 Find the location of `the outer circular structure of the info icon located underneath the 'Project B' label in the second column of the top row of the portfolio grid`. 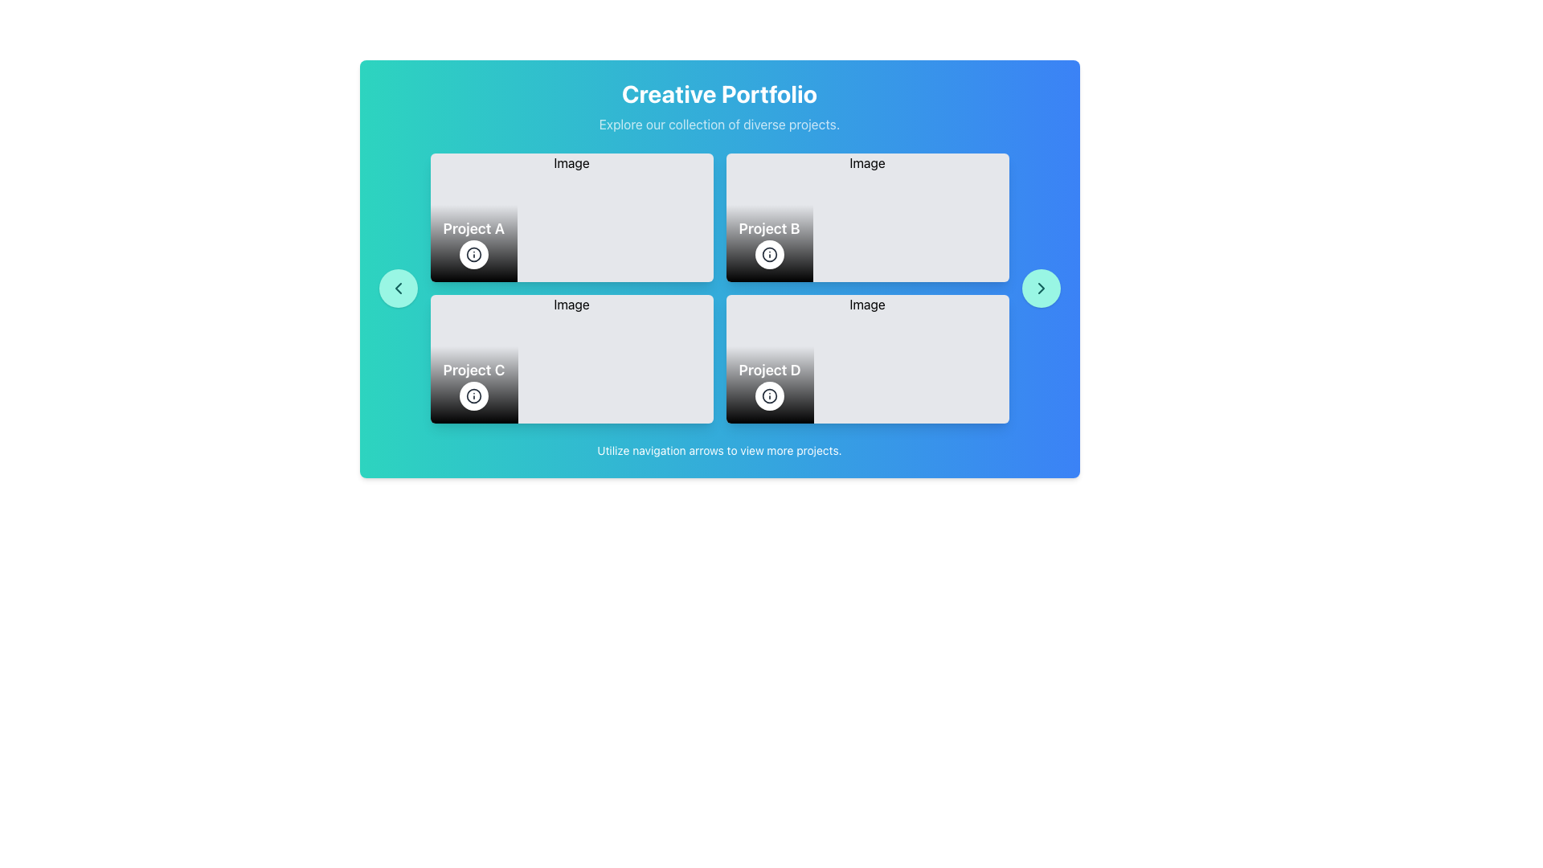

the outer circular structure of the info icon located underneath the 'Project B' label in the second column of the top row of the portfolio grid is located at coordinates (768, 253).